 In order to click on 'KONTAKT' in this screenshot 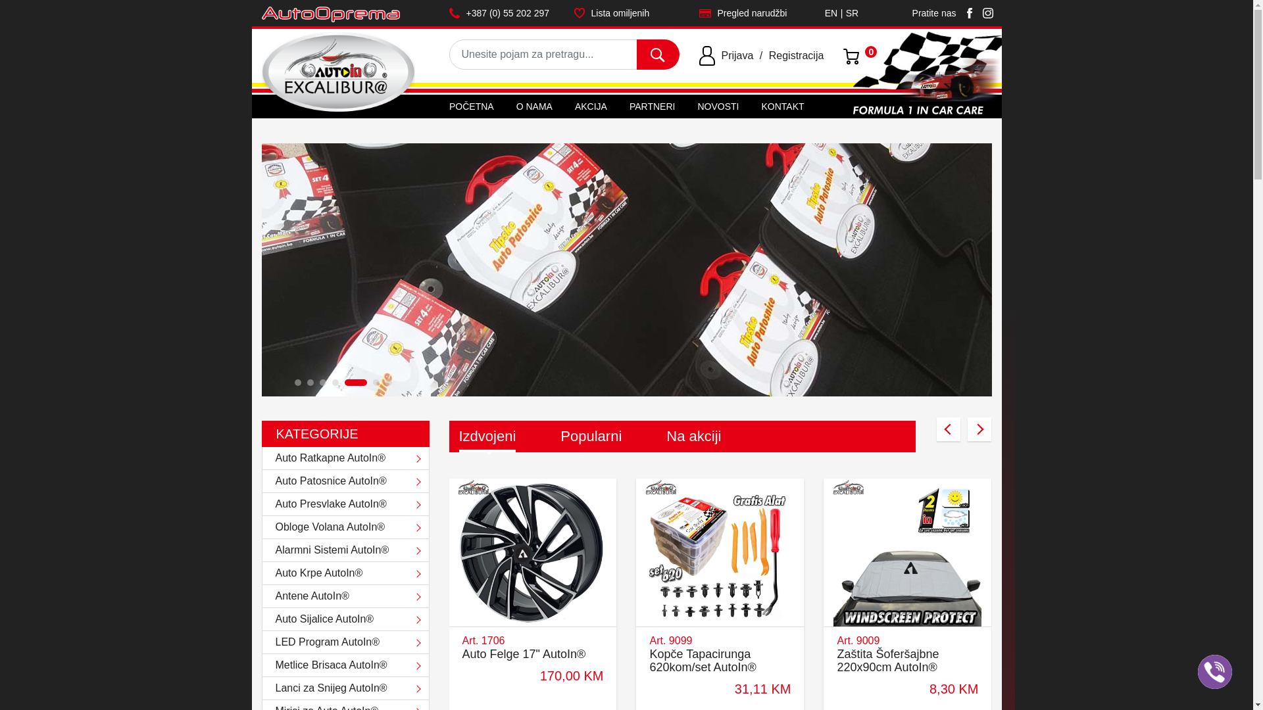, I will do `click(755, 106)`.